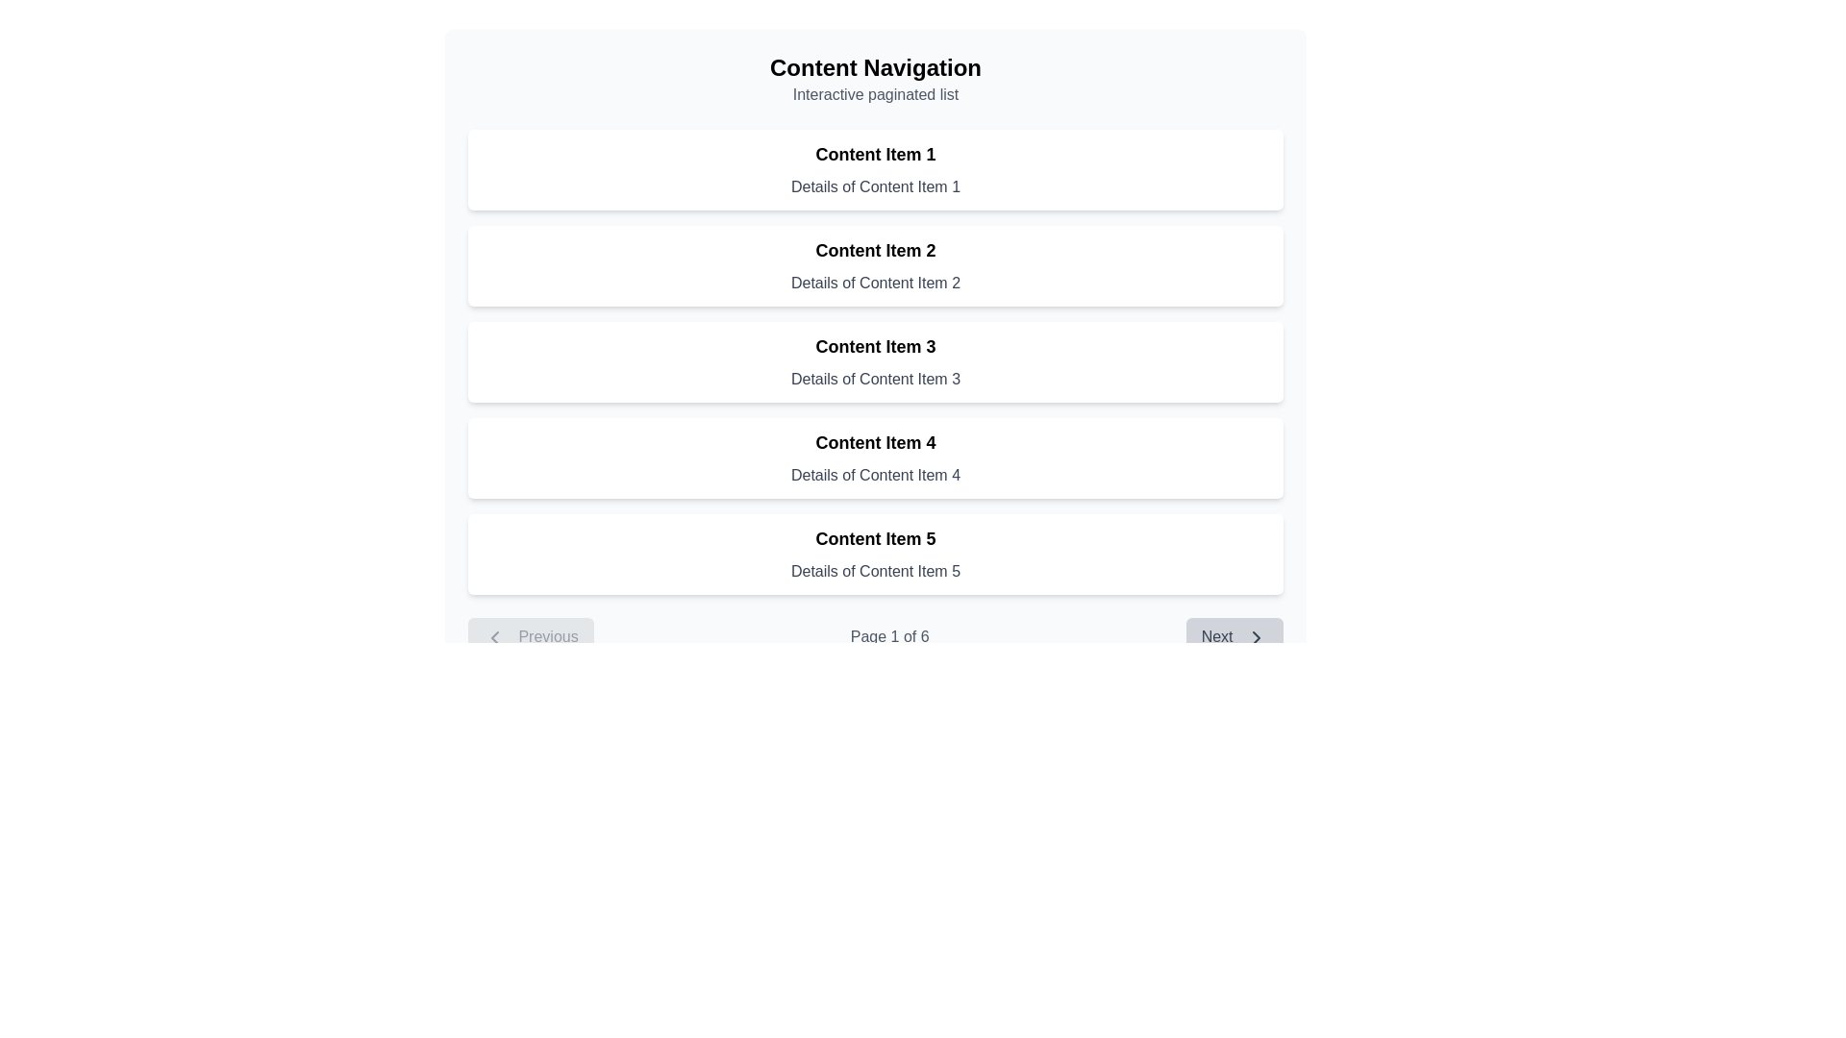 This screenshot has height=1038, width=1846. What do you see at coordinates (875, 347) in the screenshot?
I see `the text label that serves as the title for the third content item in the list` at bounding box center [875, 347].